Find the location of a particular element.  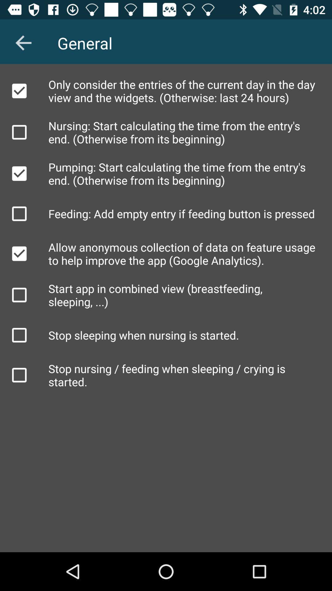

the arrow_backward icon is located at coordinates (23, 42).